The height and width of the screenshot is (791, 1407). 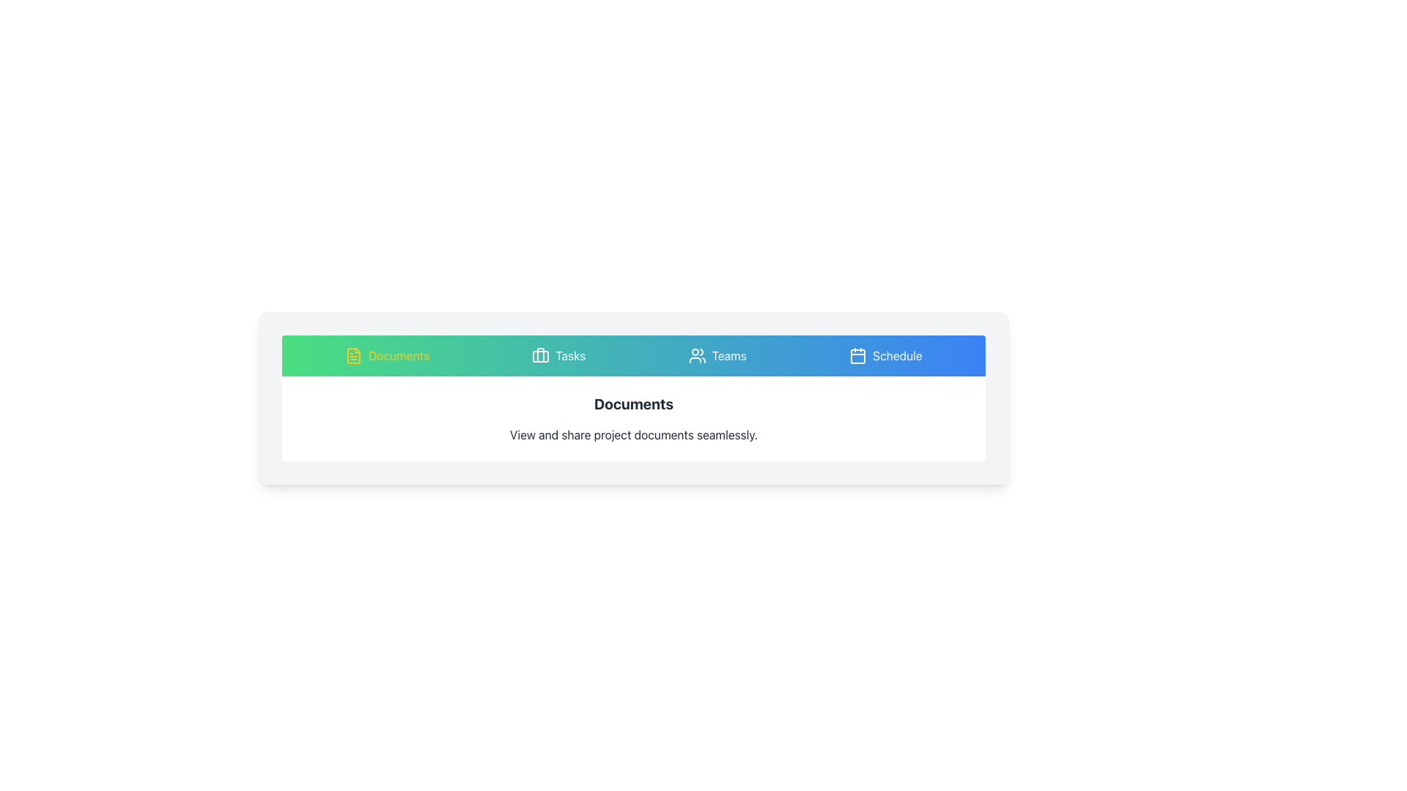 What do you see at coordinates (633, 404) in the screenshot?
I see `the 'Documents' text label, which is a bold, extra-large font label located at the top of its section` at bounding box center [633, 404].